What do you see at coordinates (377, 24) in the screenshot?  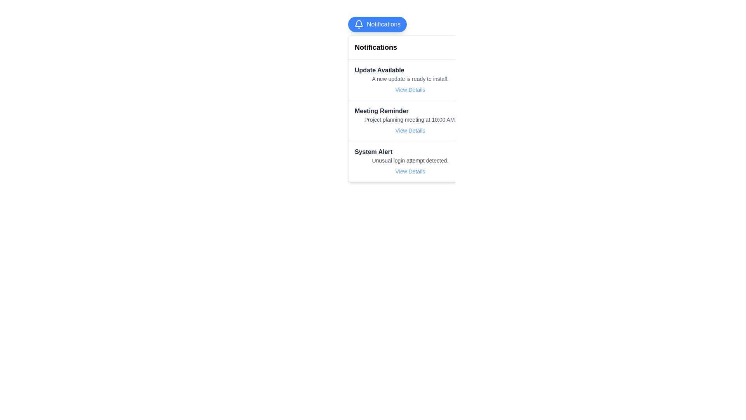 I see `the blue 'Notifications' button with a bell-shaped icon at the upper-left corner of the notification panel` at bounding box center [377, 24].